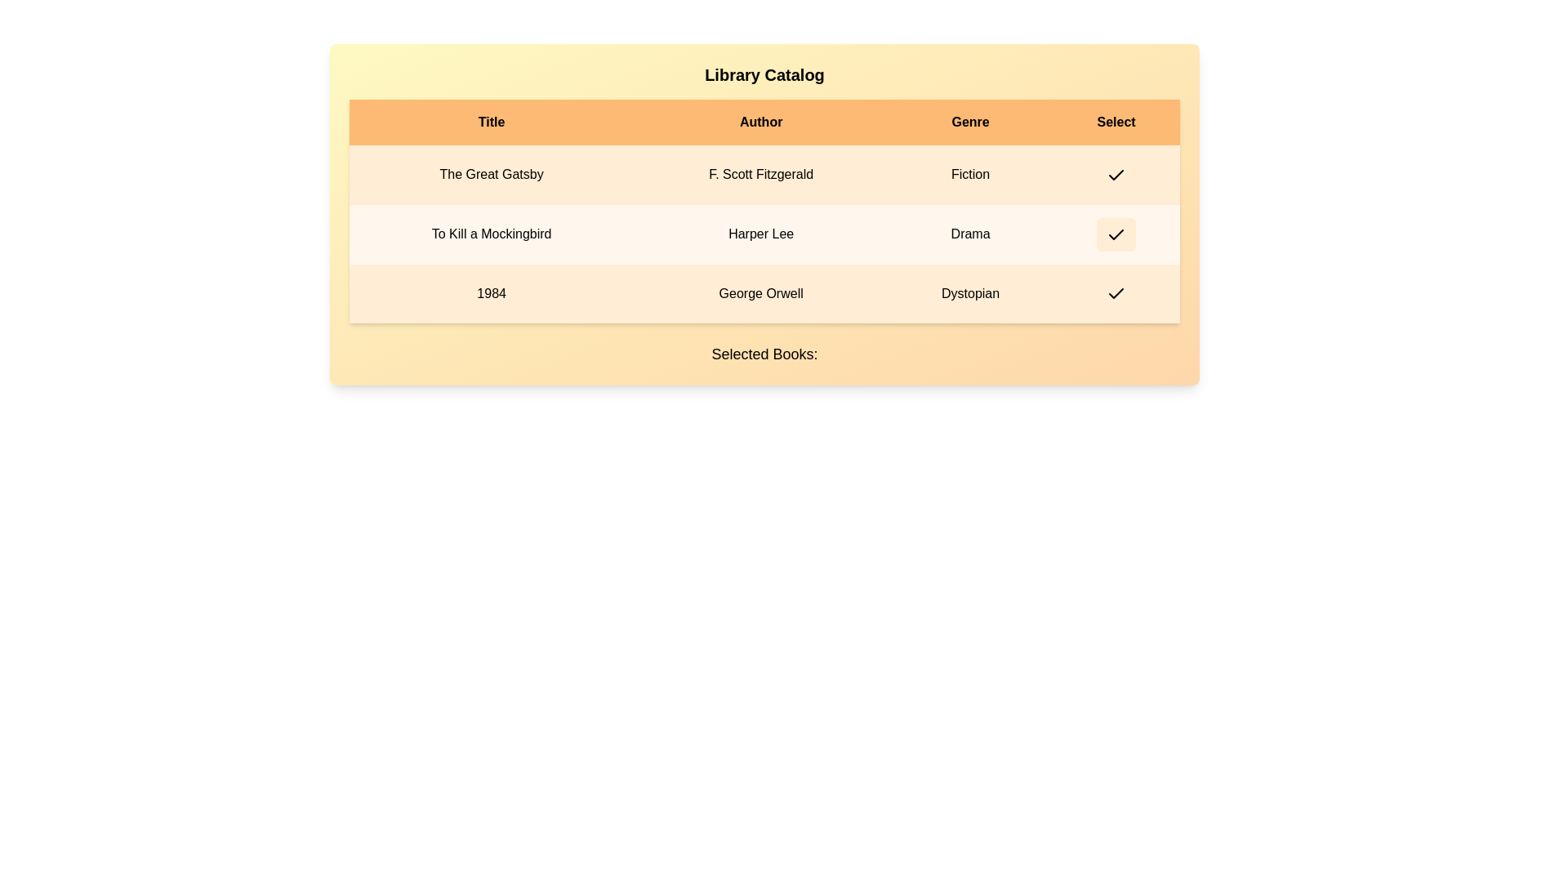  I want to click on the selection button in the 'Select' column for the entry '1984' by George Orwell, so click(1116, 292).